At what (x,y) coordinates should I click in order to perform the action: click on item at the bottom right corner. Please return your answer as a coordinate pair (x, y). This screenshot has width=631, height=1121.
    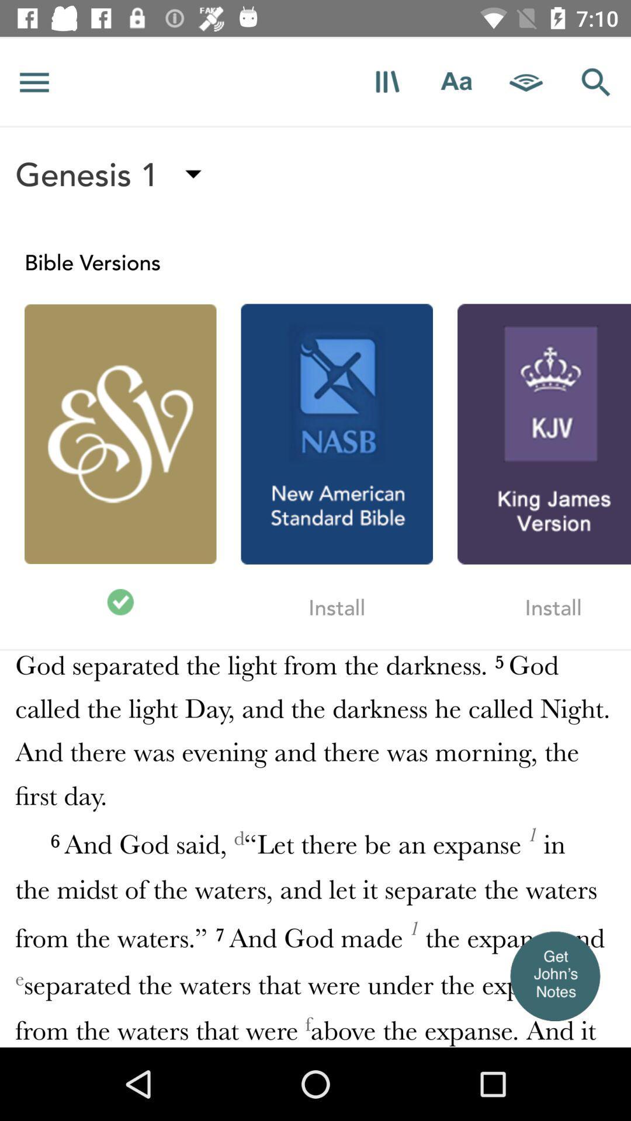
    Looking at the image, I should click on (554, 976).